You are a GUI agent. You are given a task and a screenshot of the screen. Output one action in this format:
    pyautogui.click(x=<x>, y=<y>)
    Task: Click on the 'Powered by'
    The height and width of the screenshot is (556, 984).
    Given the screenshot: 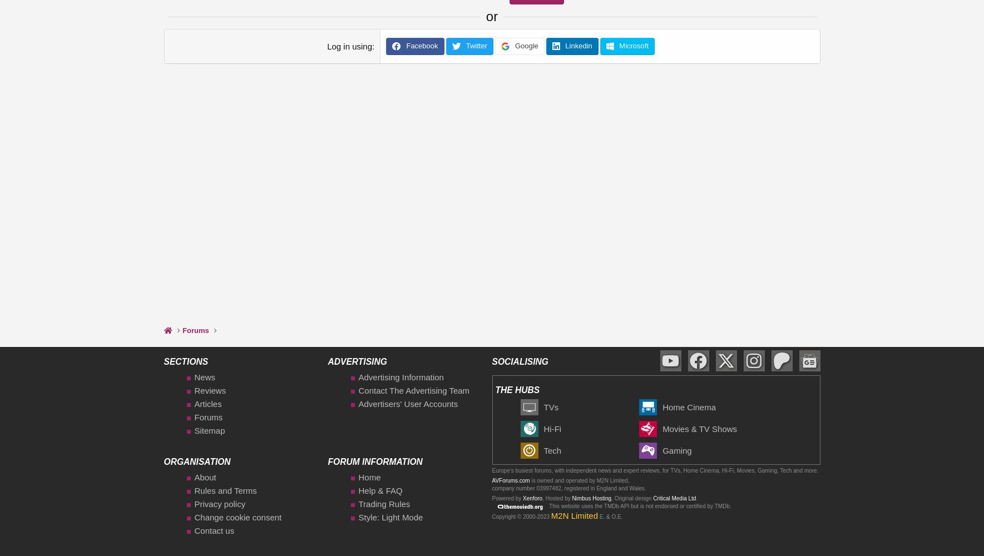 What is the action you would take?
    pyautogui.click(x=507, y=498)
    